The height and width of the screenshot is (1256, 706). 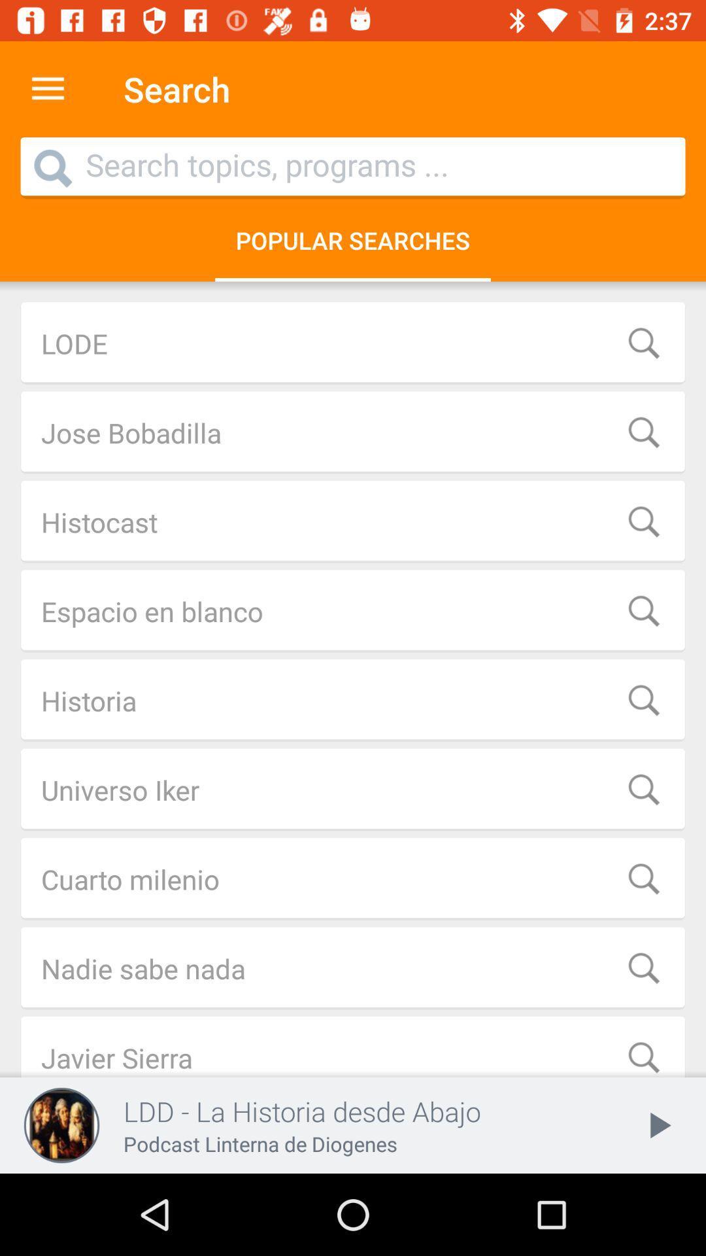 I want to click on the play icon, so click(x=658, y=1125).